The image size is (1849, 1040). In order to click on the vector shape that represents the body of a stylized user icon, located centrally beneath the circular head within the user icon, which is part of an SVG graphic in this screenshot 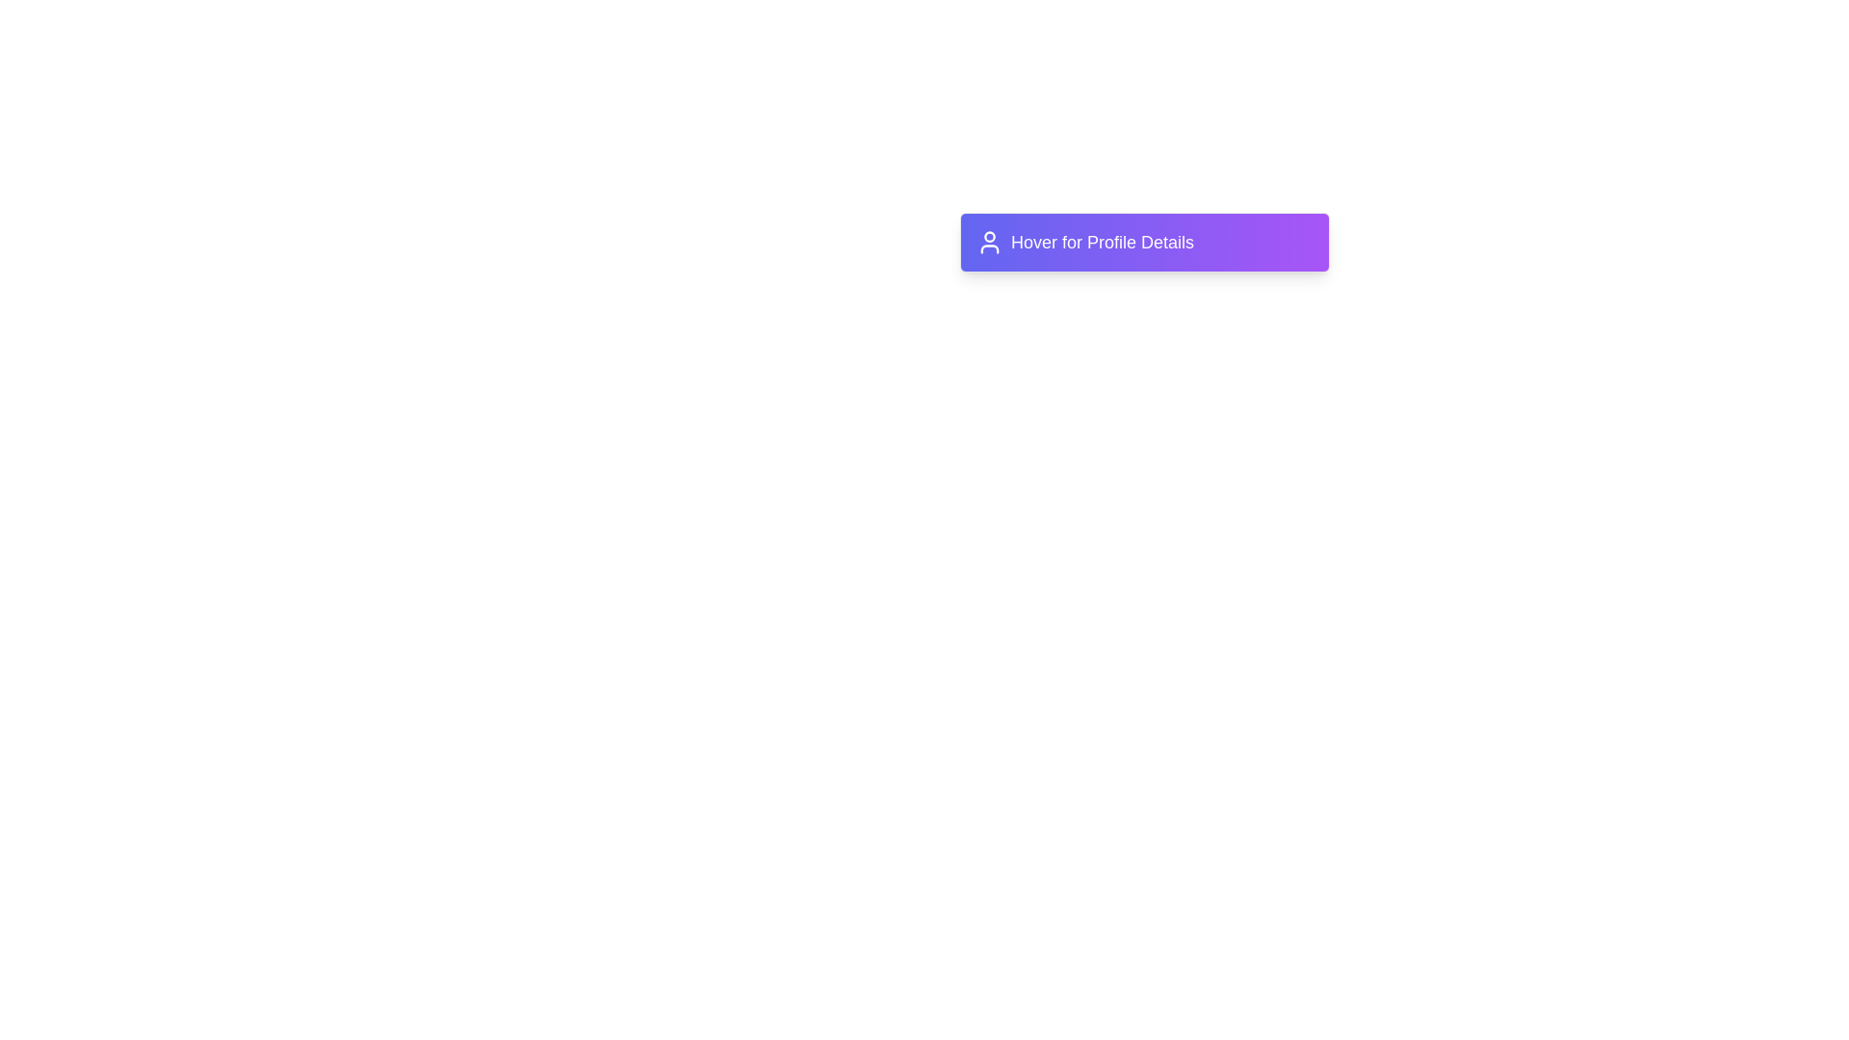, I will do `click(989, 247)`.